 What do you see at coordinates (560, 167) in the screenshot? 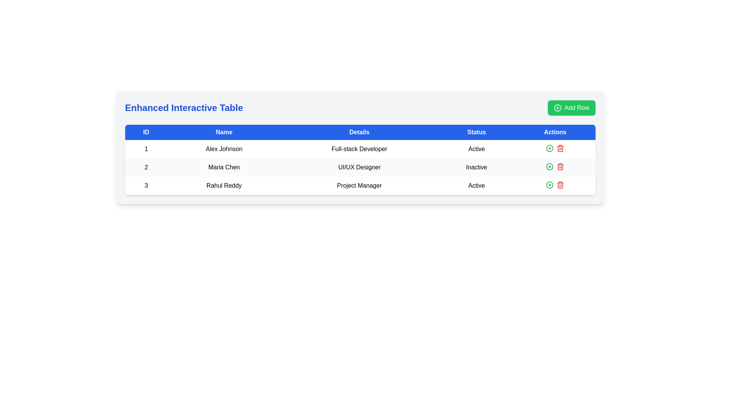
I see `the red trash can icon button located in the 'Actions' column of the last row of the Enhanced Interactive Table` at bounding box center [560, 167].